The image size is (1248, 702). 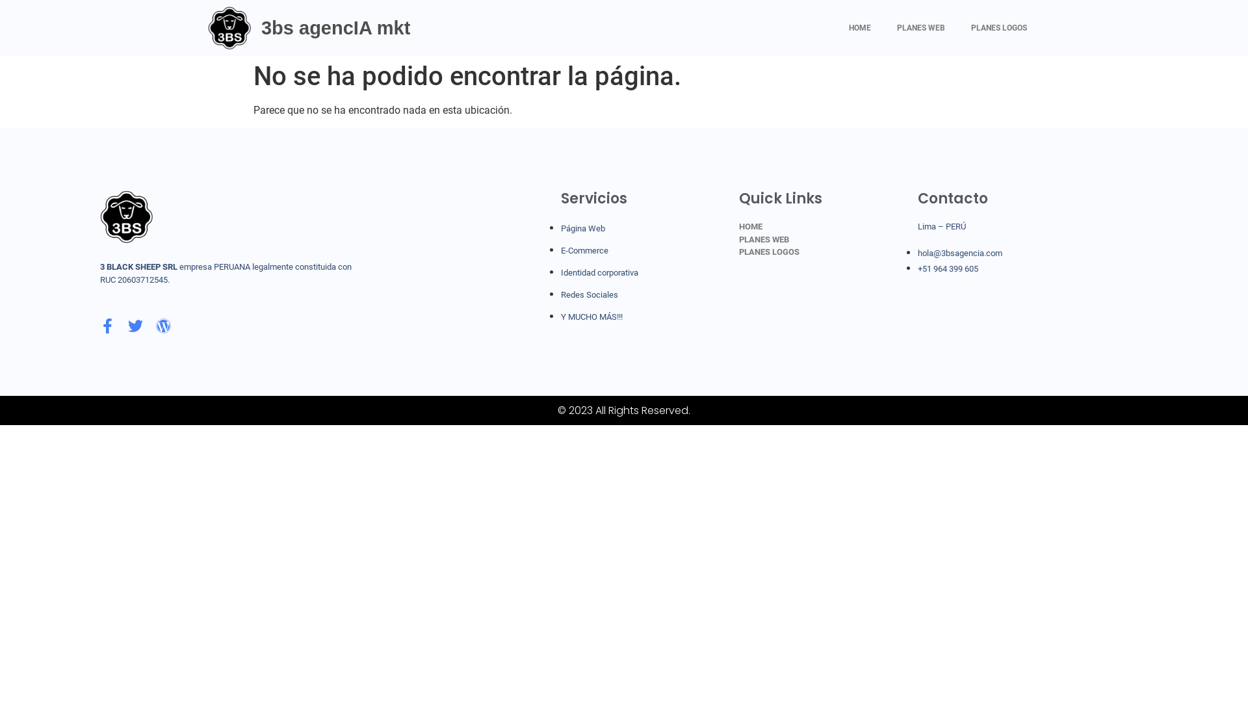 I want to click on 'E-Commerce', so click(x=584, y=250).